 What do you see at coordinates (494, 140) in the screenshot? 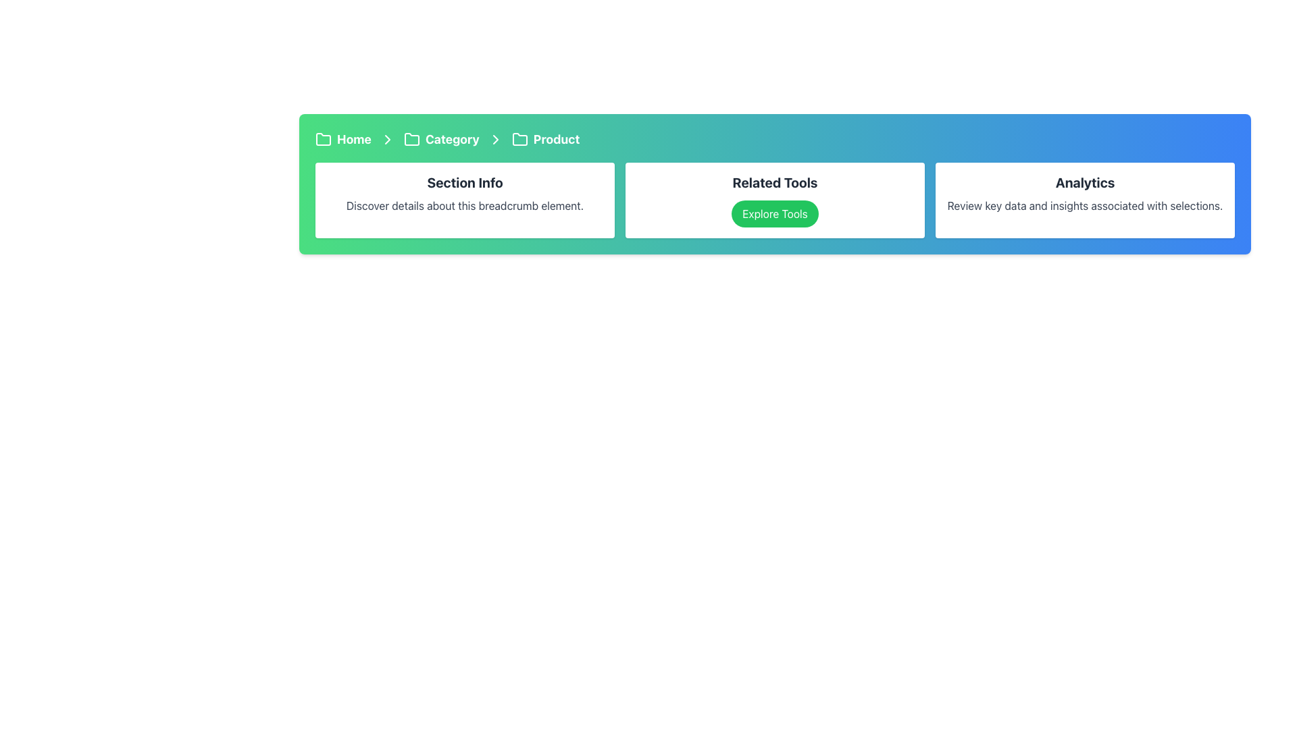
I see `the right-facing chevron icon positioned between the 'Category' and 'Product' breadcrumb items in the breadcrumb navigation bar` at bounding box center [494, 140].